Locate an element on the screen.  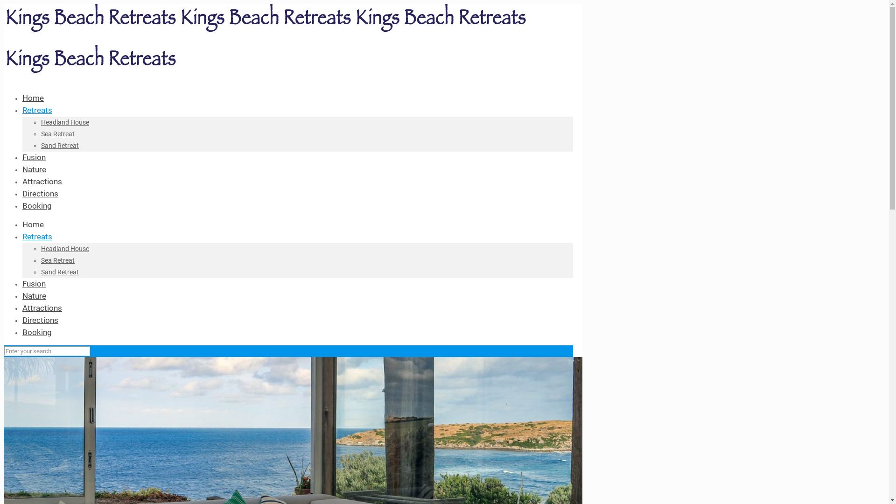
'Headland House' is located at coordinates (40, 122).